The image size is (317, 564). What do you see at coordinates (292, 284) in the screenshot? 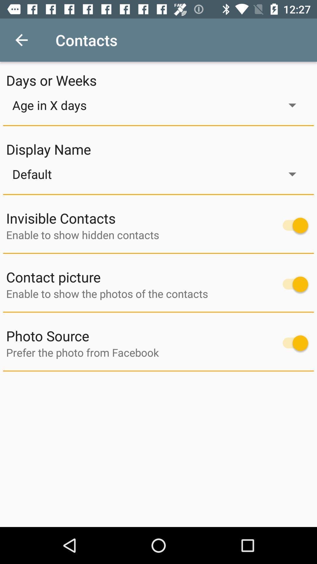
I see `contact` at bounding box center [292, 284].